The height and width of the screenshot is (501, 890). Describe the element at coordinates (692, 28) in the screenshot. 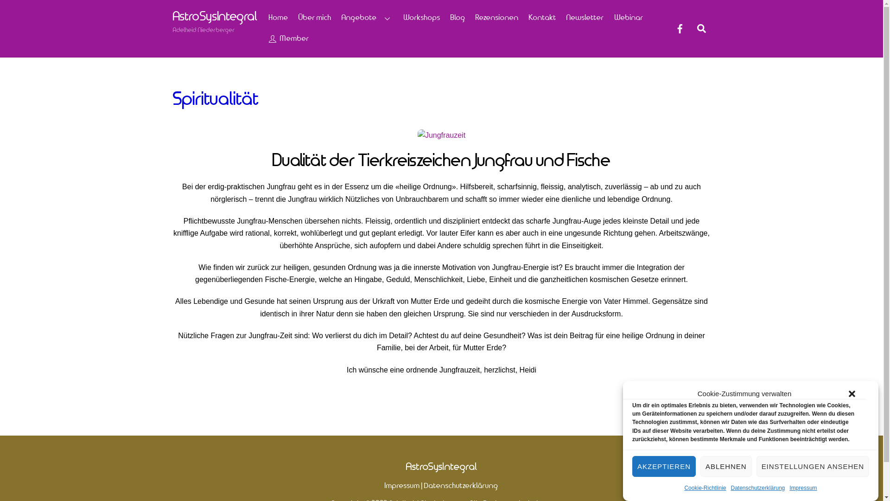

I see `'Search'` at that location.